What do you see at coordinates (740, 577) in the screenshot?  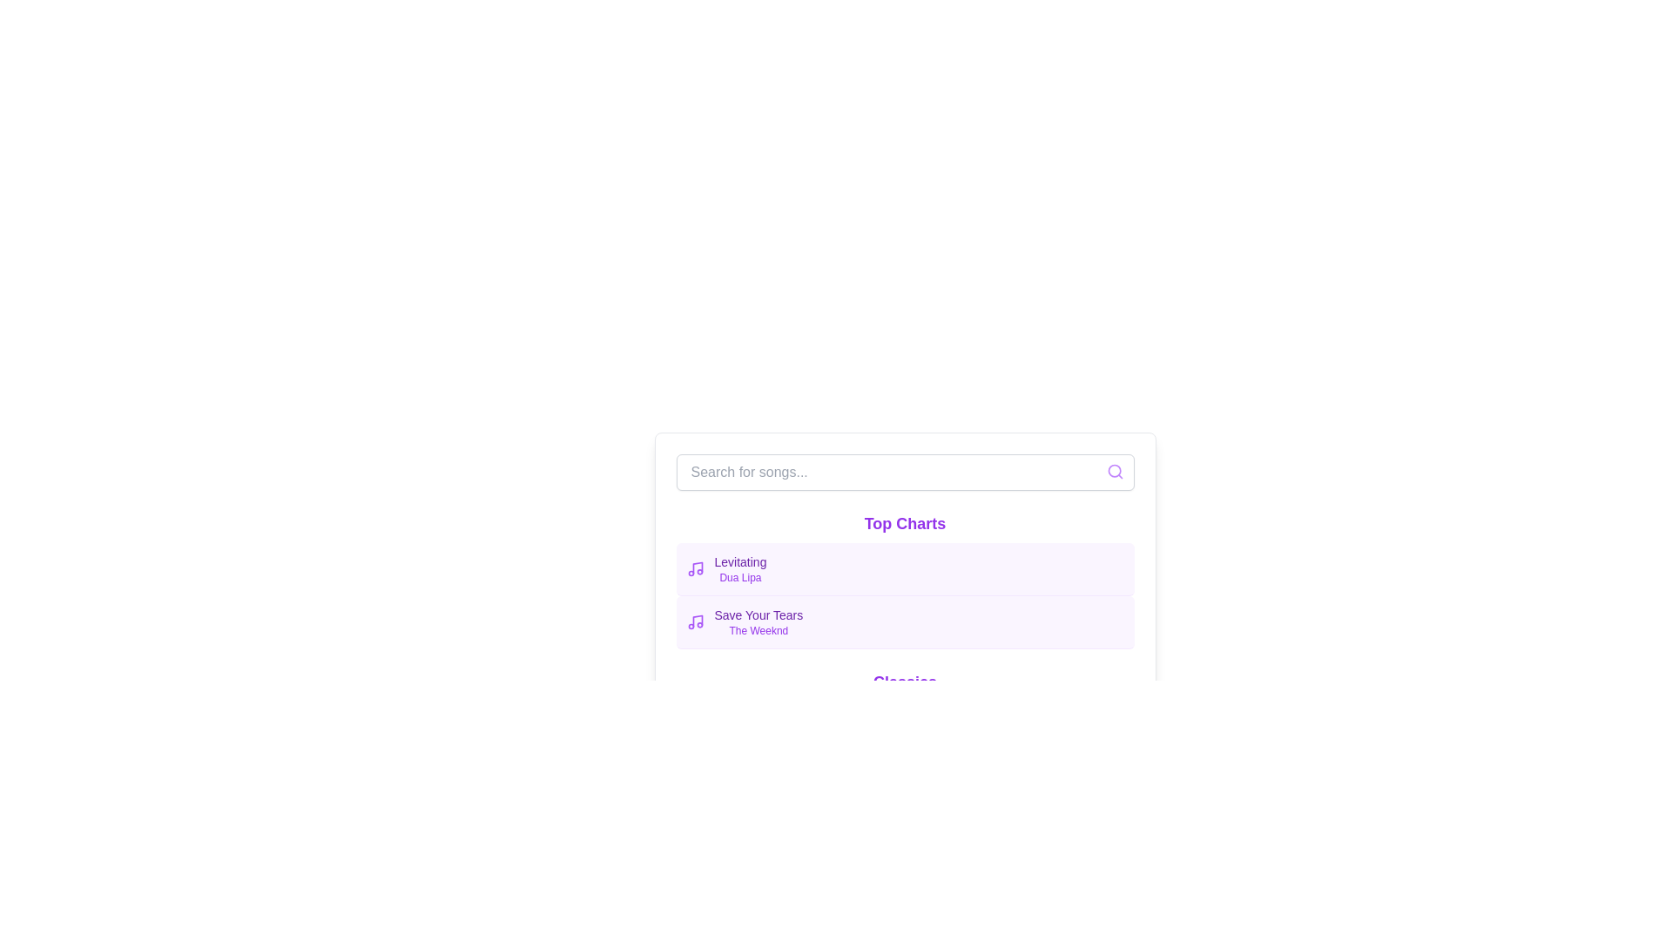 I see `the label displaying the artist name 'Dua Lipa' in purple color, located beneath 'Levitating' in the 'Top Charts' list` at bounding box center [740, 577].